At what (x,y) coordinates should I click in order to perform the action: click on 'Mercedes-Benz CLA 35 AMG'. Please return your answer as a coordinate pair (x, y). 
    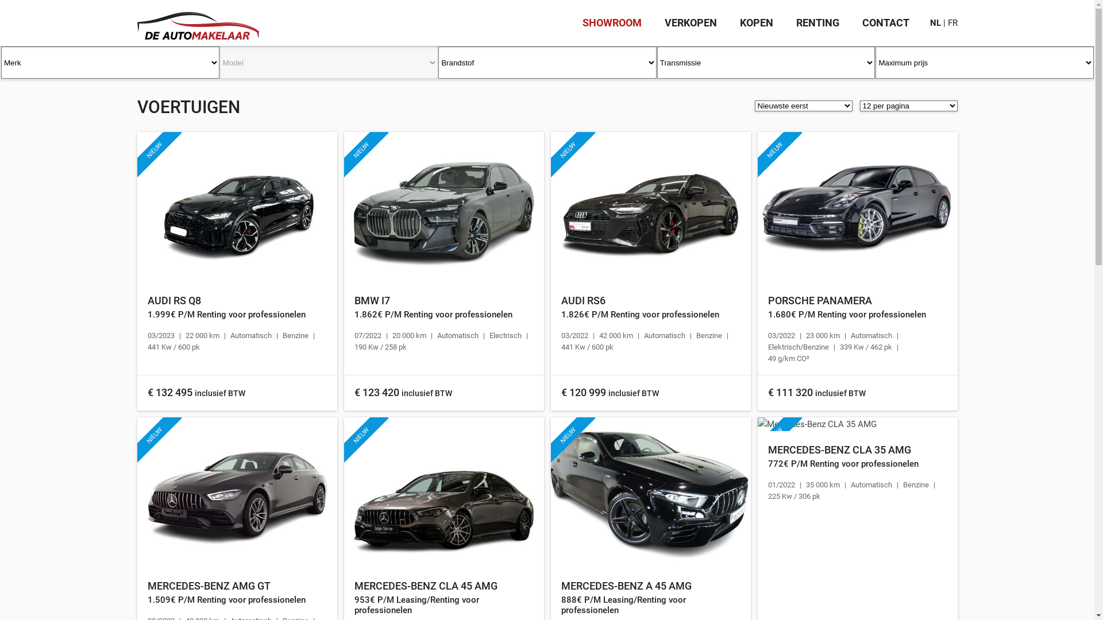
    Looking at the image, I should click on (857, 424).